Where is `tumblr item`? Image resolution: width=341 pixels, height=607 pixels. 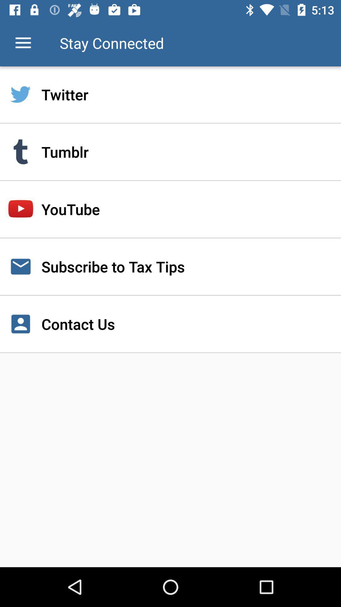 tumblr item is located at coordinates (170, 152).